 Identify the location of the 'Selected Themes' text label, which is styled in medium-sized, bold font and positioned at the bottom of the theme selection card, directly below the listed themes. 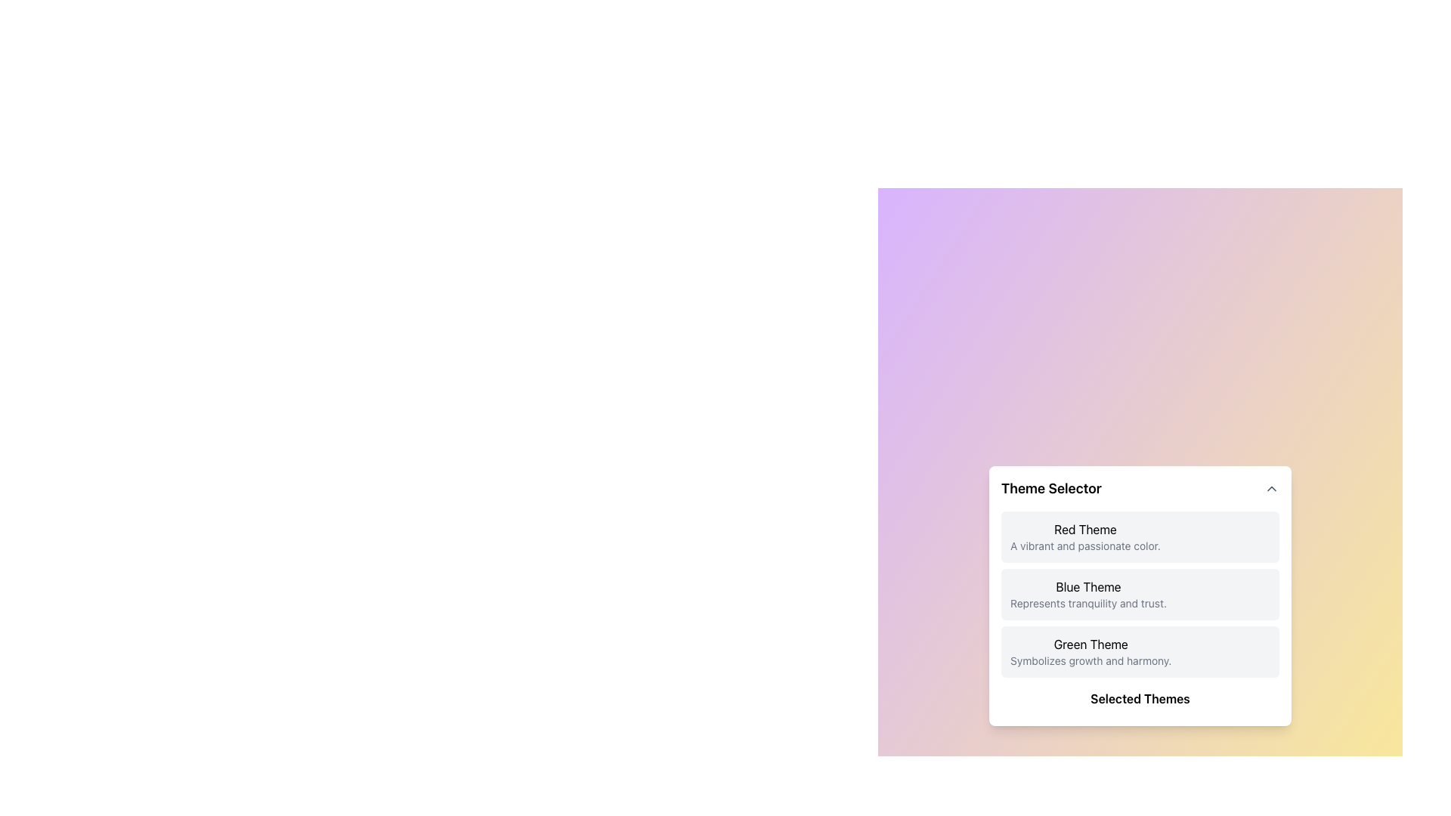
(1140, 702).